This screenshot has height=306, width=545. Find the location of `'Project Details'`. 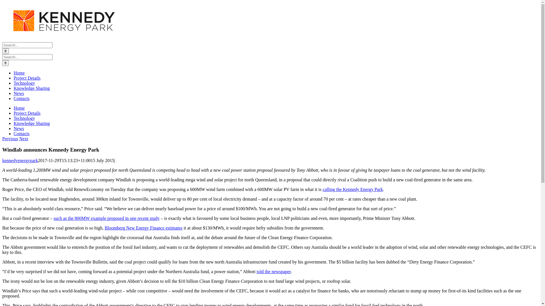

'Project Details' is located at coordinates (27, 113).